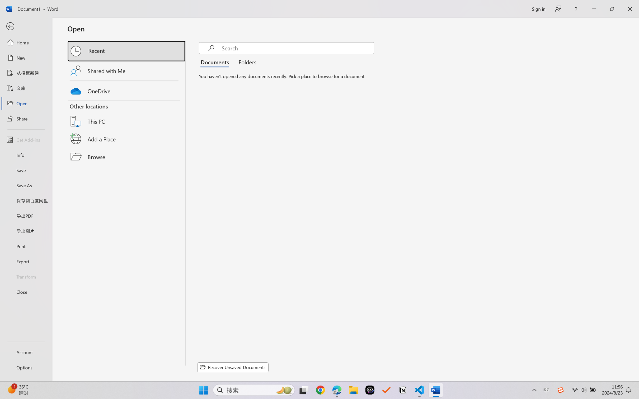 The height and width of the screenshot is (399, 639). What do you see at coordinates (216, 61) in the screenshot?
I see `'Documents'` at bounding box center [216, 61].